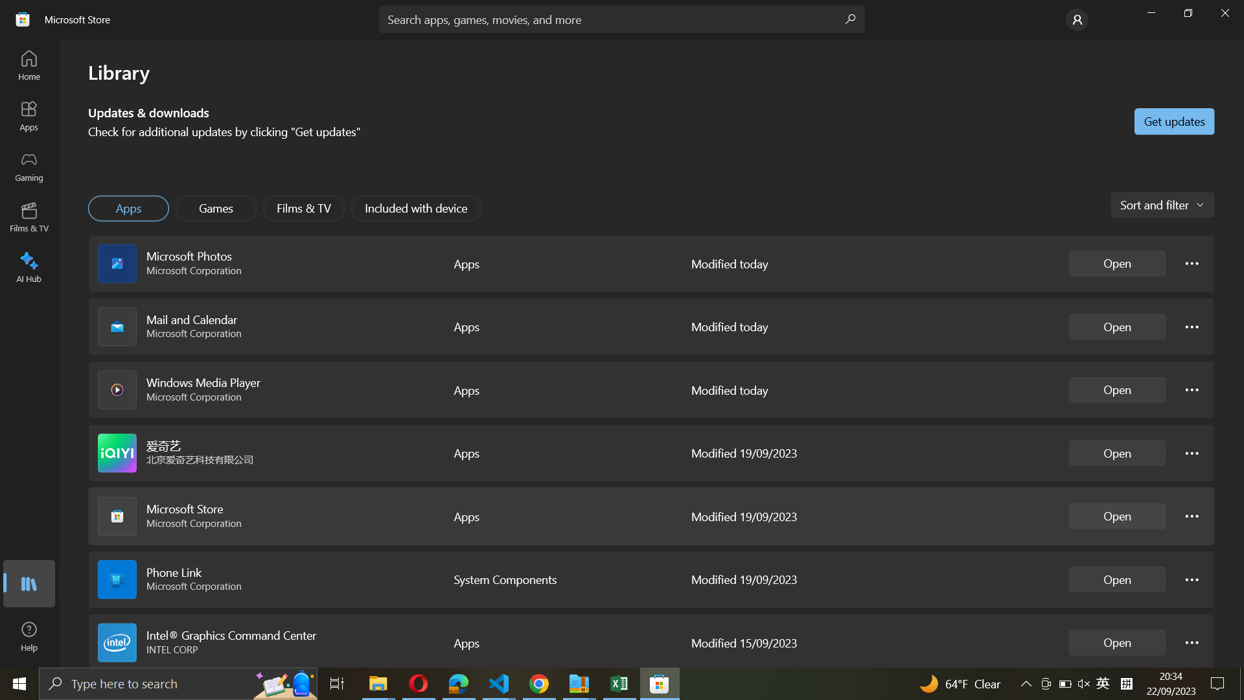  Describe the element at coordinates (1116, 325) in the screenshot. I see `Mail and Calendar application` at that location.